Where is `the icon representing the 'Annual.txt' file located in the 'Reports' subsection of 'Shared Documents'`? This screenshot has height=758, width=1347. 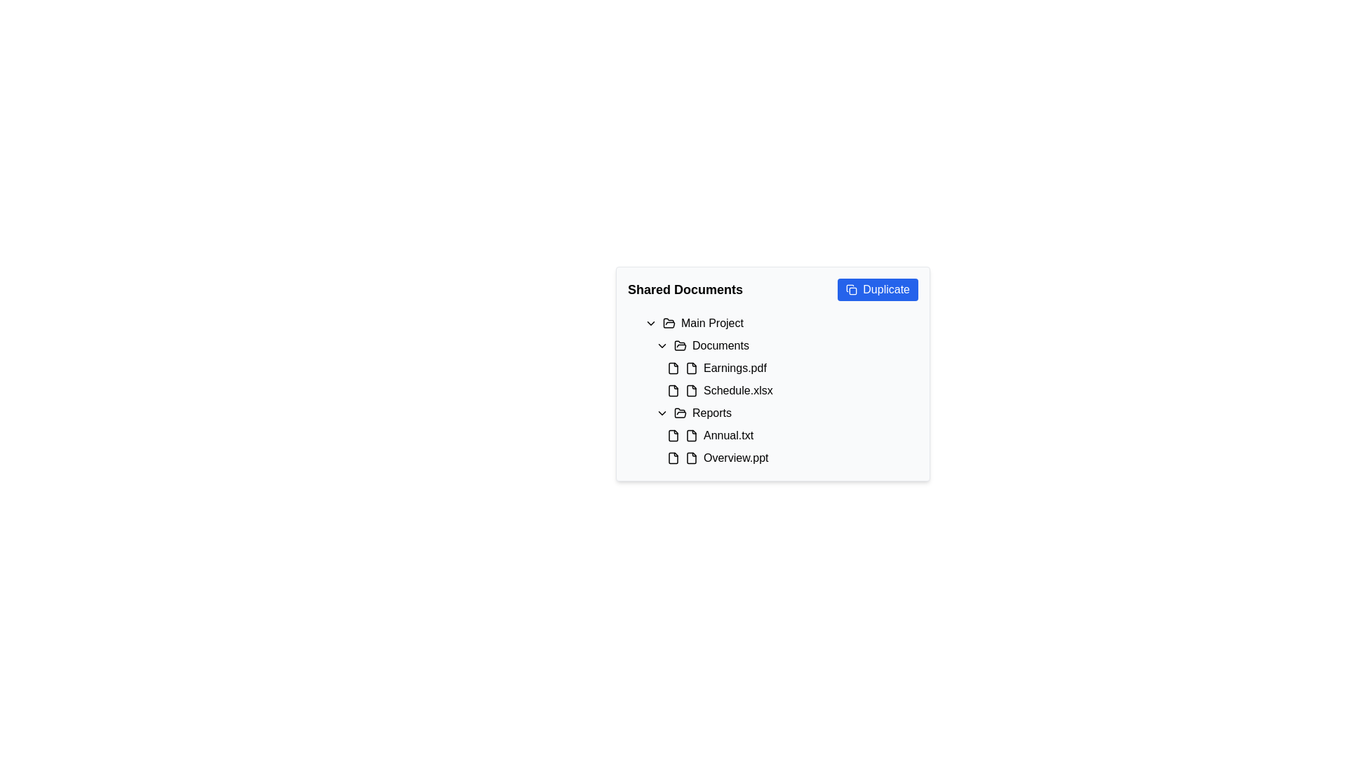
the icon representing the 'Annual.txt' file located in the 'Reports' subsection of 'Shared Documents' is located at coordinates (673, 435).